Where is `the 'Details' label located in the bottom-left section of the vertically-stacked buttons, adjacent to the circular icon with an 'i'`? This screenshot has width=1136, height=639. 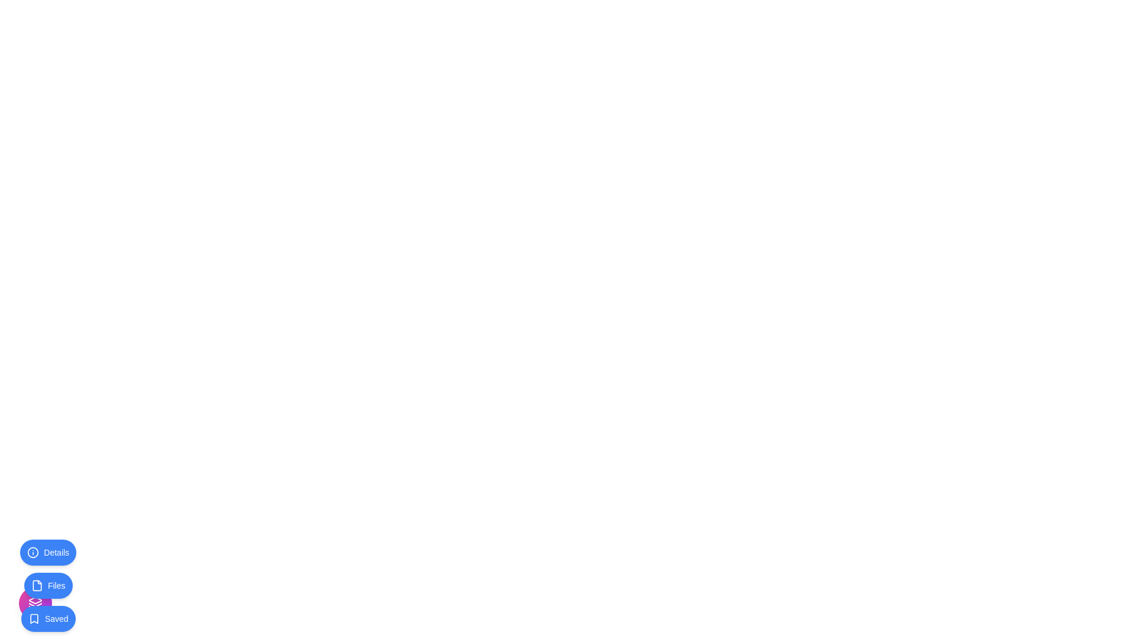 the 'Details' label located in the bottom-left section of the vertically-stacked buttons, adjacent to the circular icon with an 'i' is located at coordinates (56, 552).